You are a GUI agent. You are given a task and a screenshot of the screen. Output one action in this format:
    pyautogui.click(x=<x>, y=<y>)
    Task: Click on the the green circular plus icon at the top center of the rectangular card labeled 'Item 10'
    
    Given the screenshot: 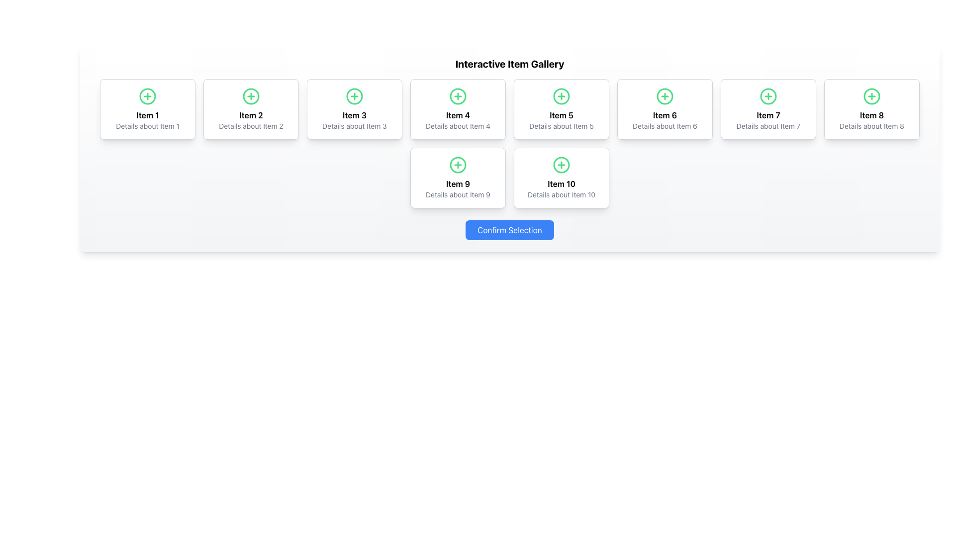 What is the action you would take?
    pyautogui.click(x=561, y=178)
    